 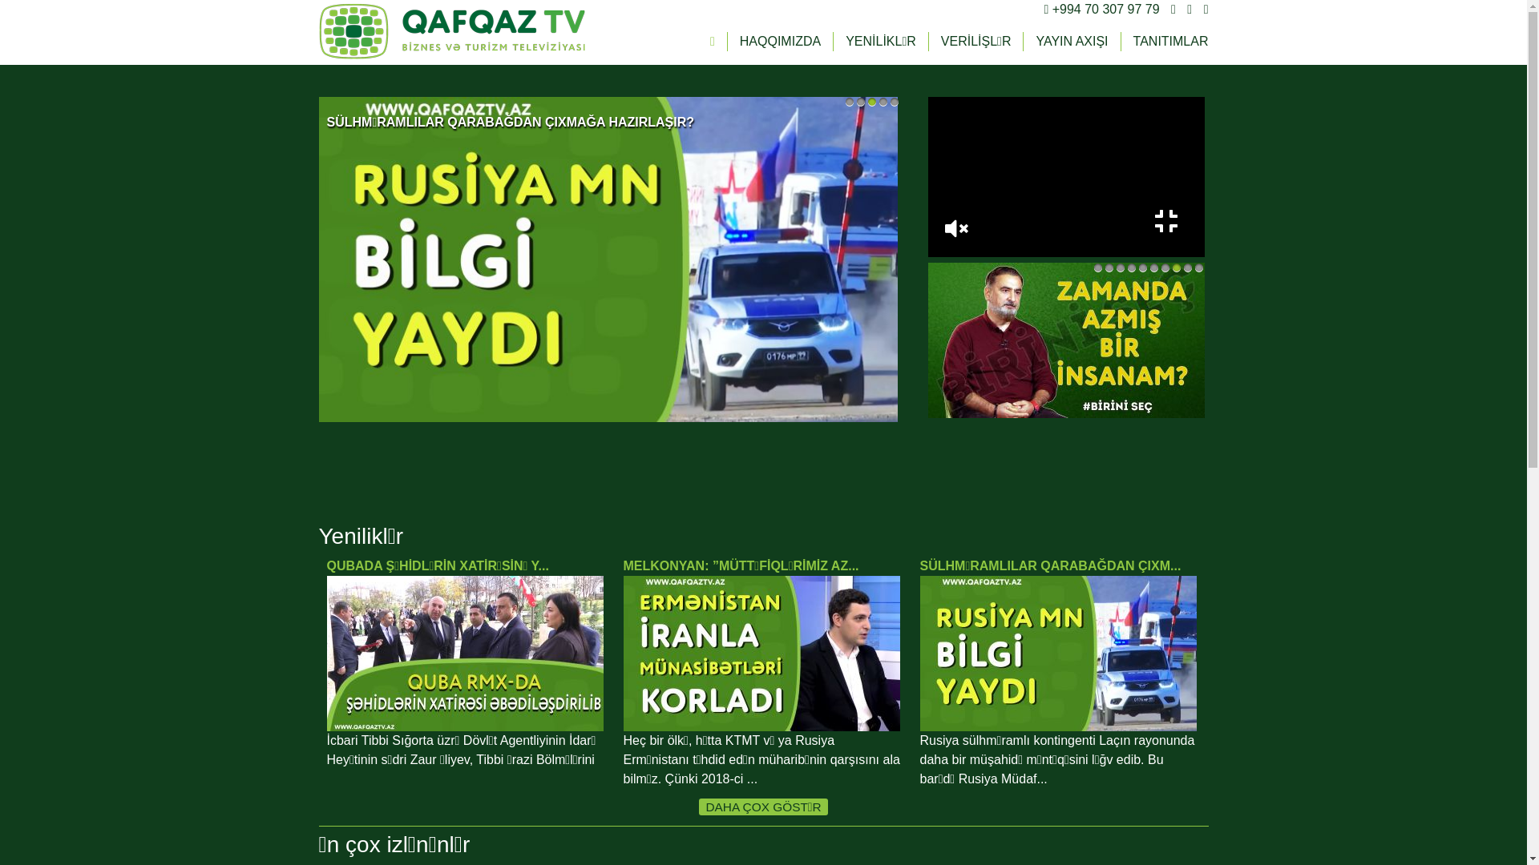 I want to click on '8', so click(x=1177, y=267).